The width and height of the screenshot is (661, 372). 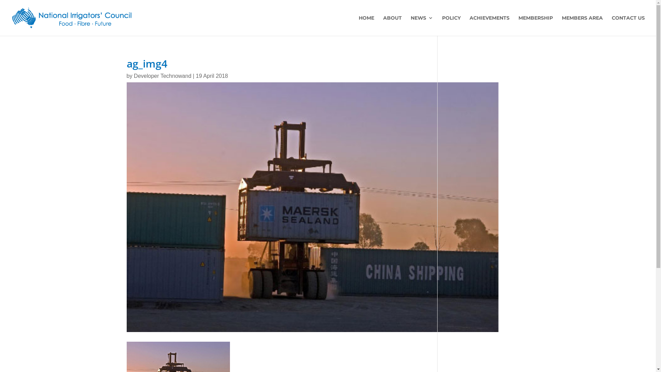 What do you see at coordinates (582, 25) in the screenshot?
I see `'MEMBERS AREA'` at bounding box center [582, 25].